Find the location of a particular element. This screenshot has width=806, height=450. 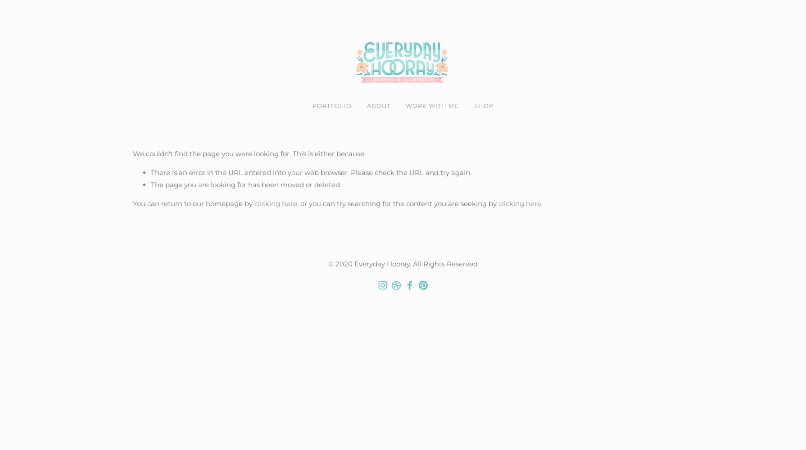

'© 2020 Everyday Hooray. All Rights Reserved' is located at coordinates (403, 263).